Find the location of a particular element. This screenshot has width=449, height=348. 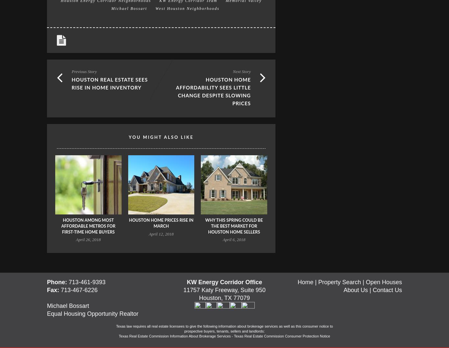

'Houston, TX 77079' is located at coordinates (224, 298).